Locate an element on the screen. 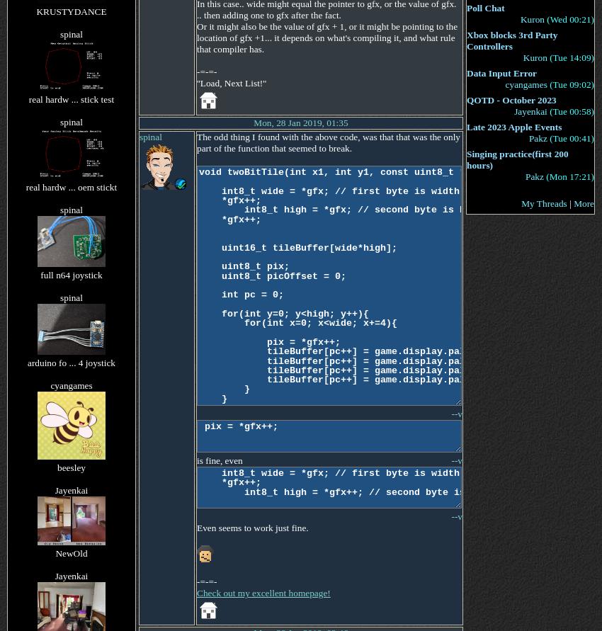  'is fine, even' is located at coordinates (219, 460).